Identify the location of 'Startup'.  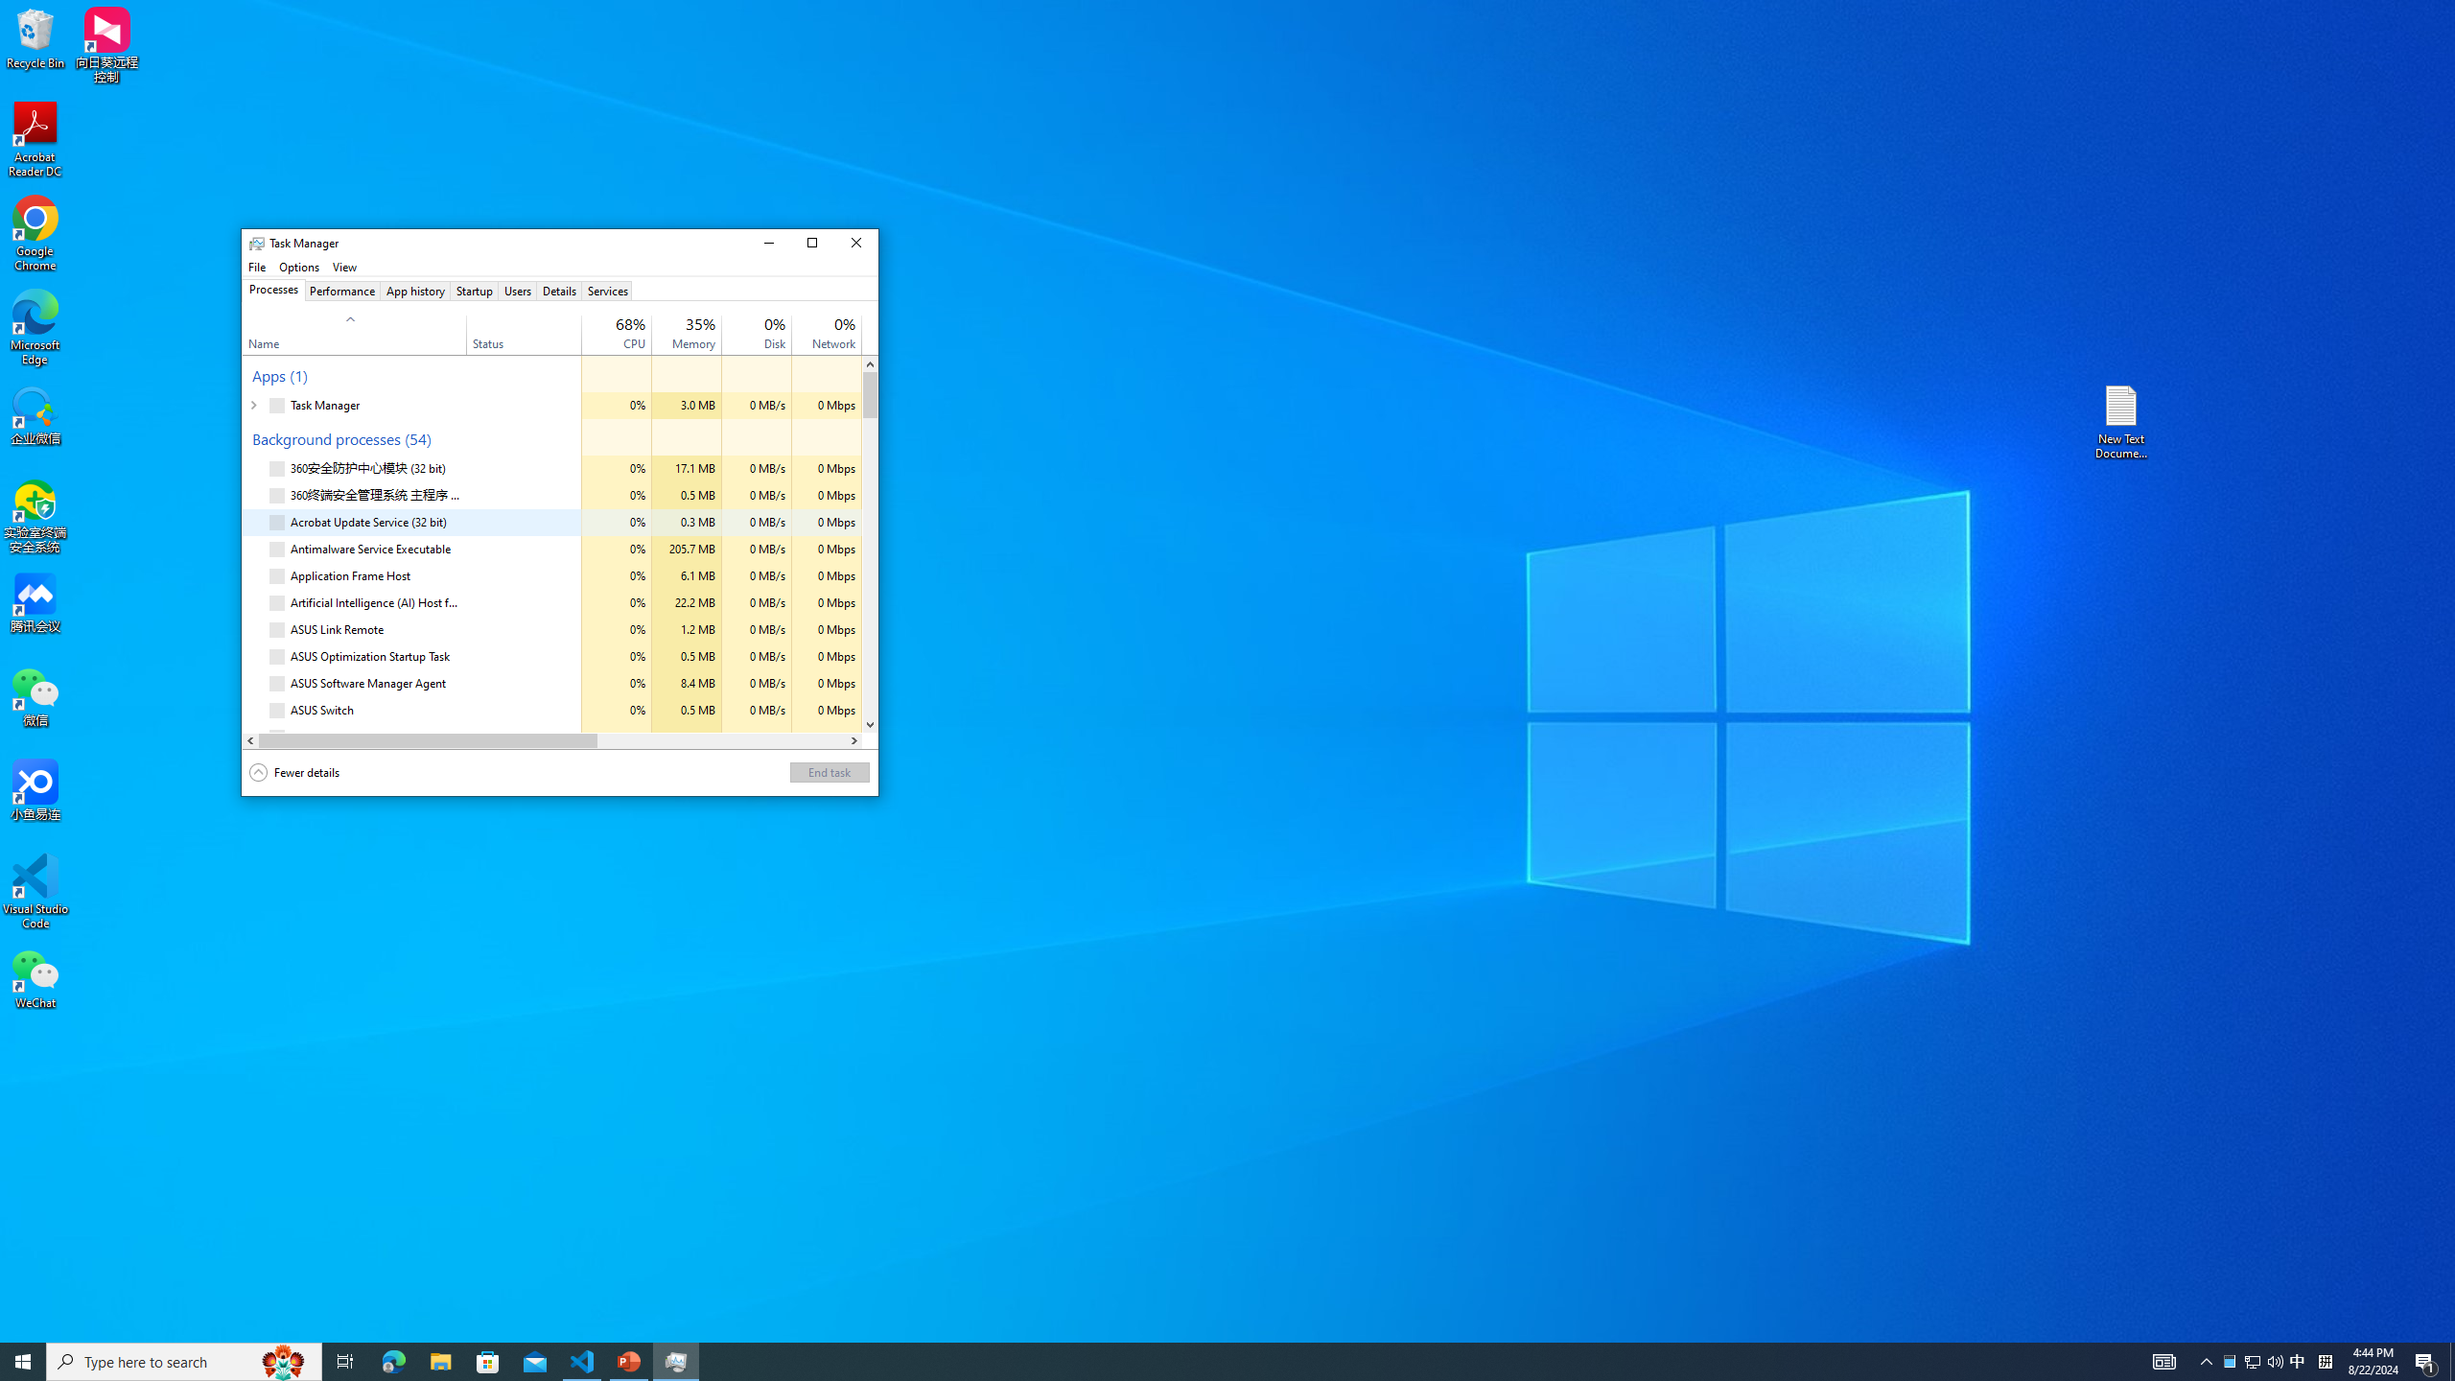
(474, 290).